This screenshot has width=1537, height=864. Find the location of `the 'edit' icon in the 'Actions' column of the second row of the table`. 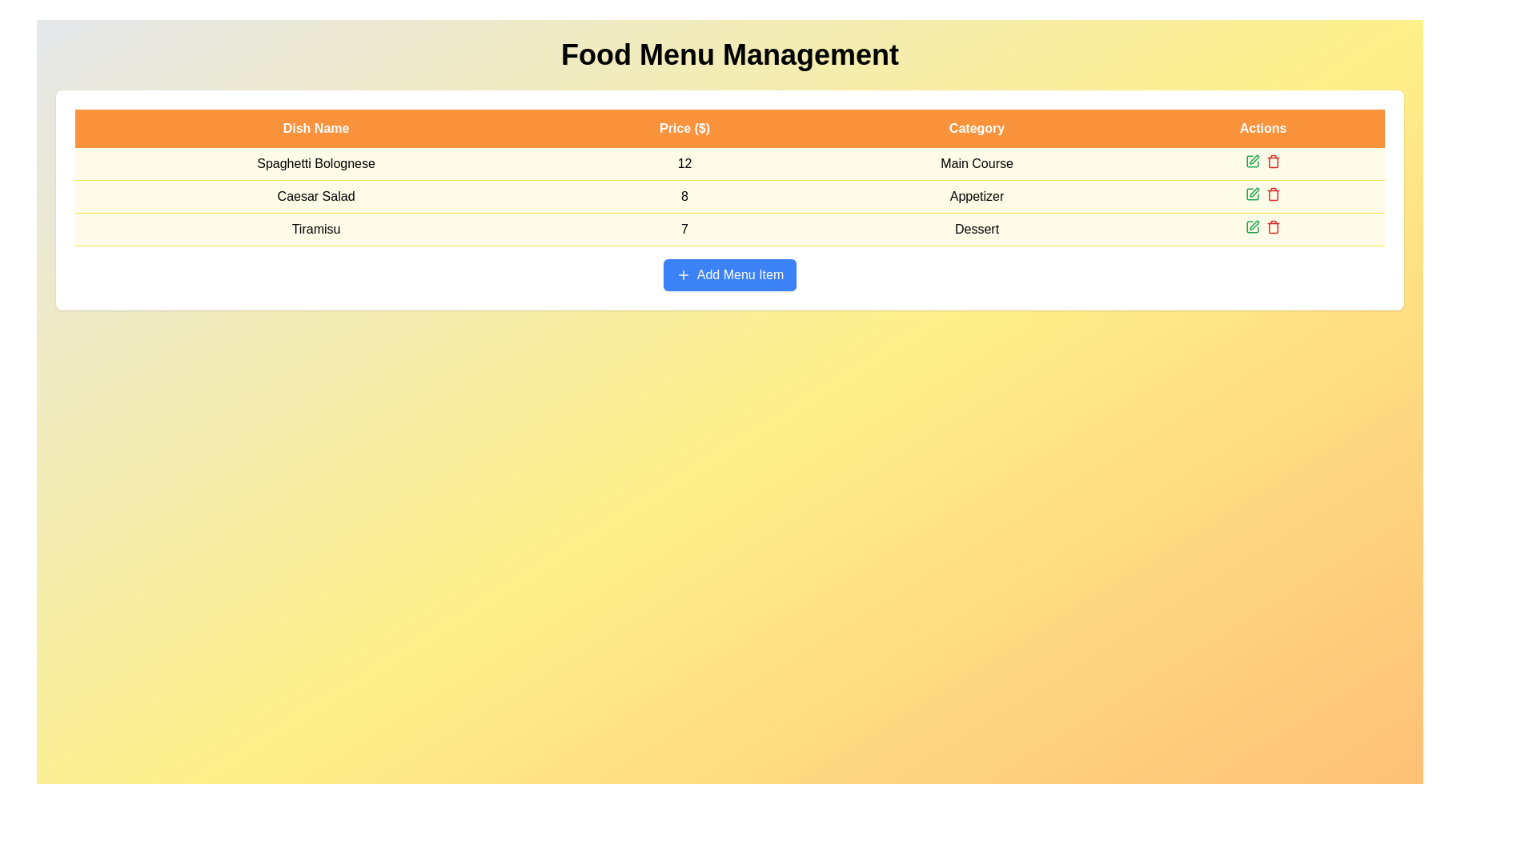

the 'edit' icon in the 'Actions' column of the second row of the table is located at coordinates (1254, 191).